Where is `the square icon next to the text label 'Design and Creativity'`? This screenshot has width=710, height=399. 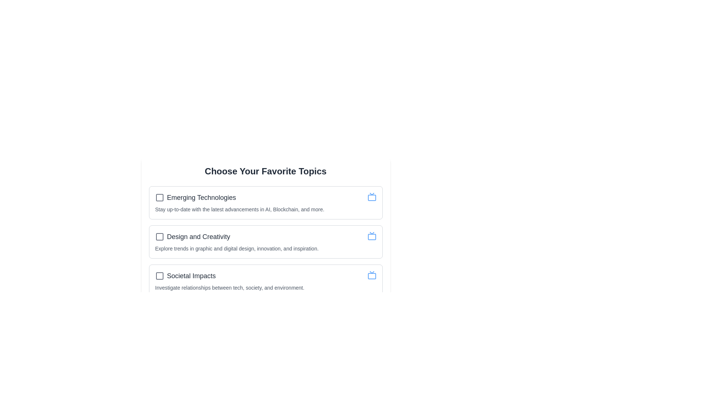
the square icon next to the text label 'Design and Creativity' is located at coordinates (159, 236).